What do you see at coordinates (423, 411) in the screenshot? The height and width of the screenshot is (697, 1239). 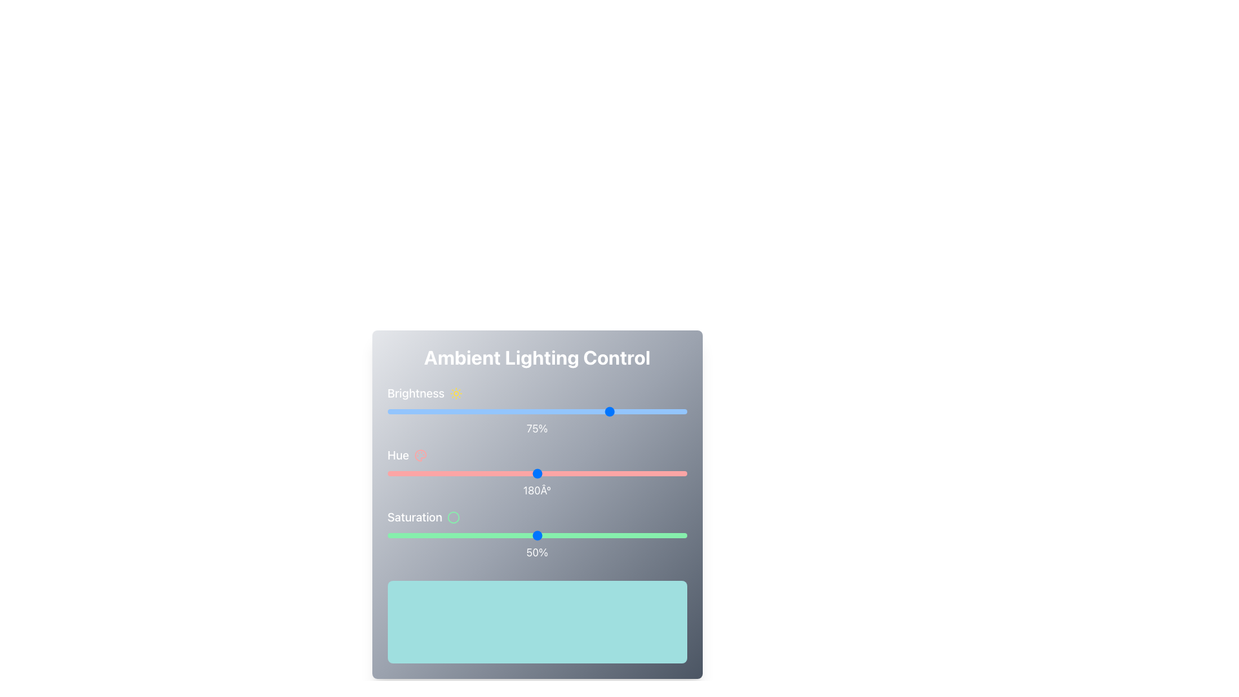 I see `brightness` at bounding box center [423, 411].